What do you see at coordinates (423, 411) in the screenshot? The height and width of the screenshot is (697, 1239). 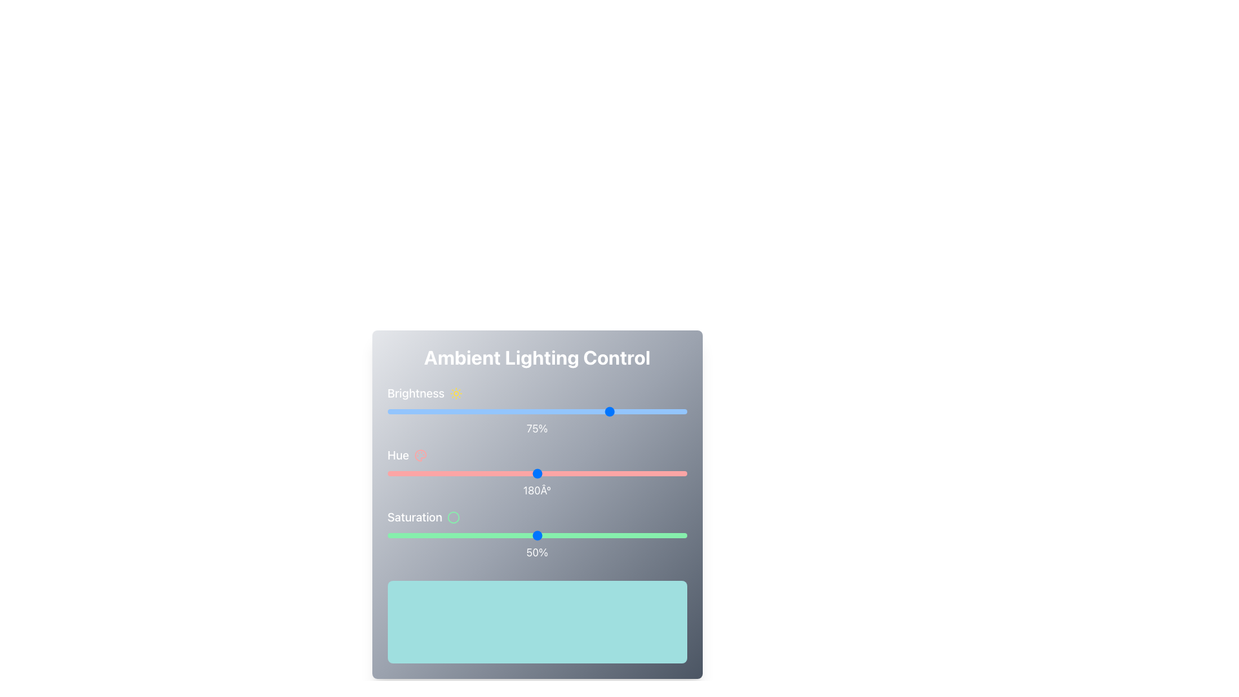 I see `brightness` at bounding box center [423, 411].